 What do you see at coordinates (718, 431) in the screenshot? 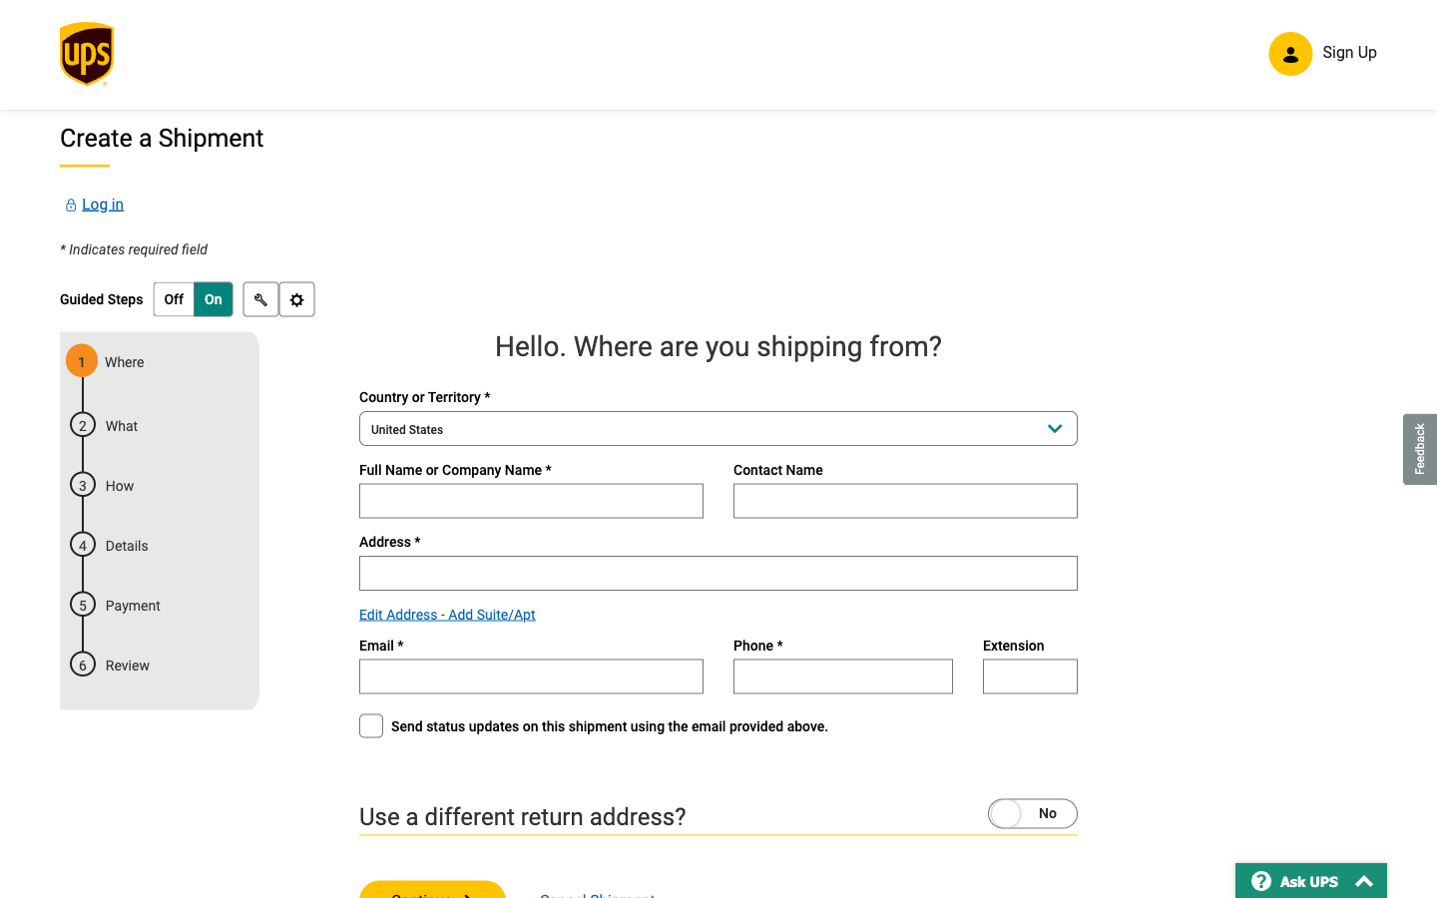
I see `Scroll down to see the options for the country or territory` at bounding box center [718, 431].